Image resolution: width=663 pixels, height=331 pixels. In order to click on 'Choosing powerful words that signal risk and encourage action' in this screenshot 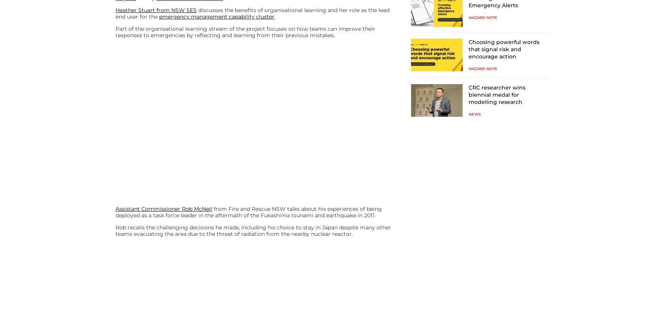, I will do `click(504, 49)`.